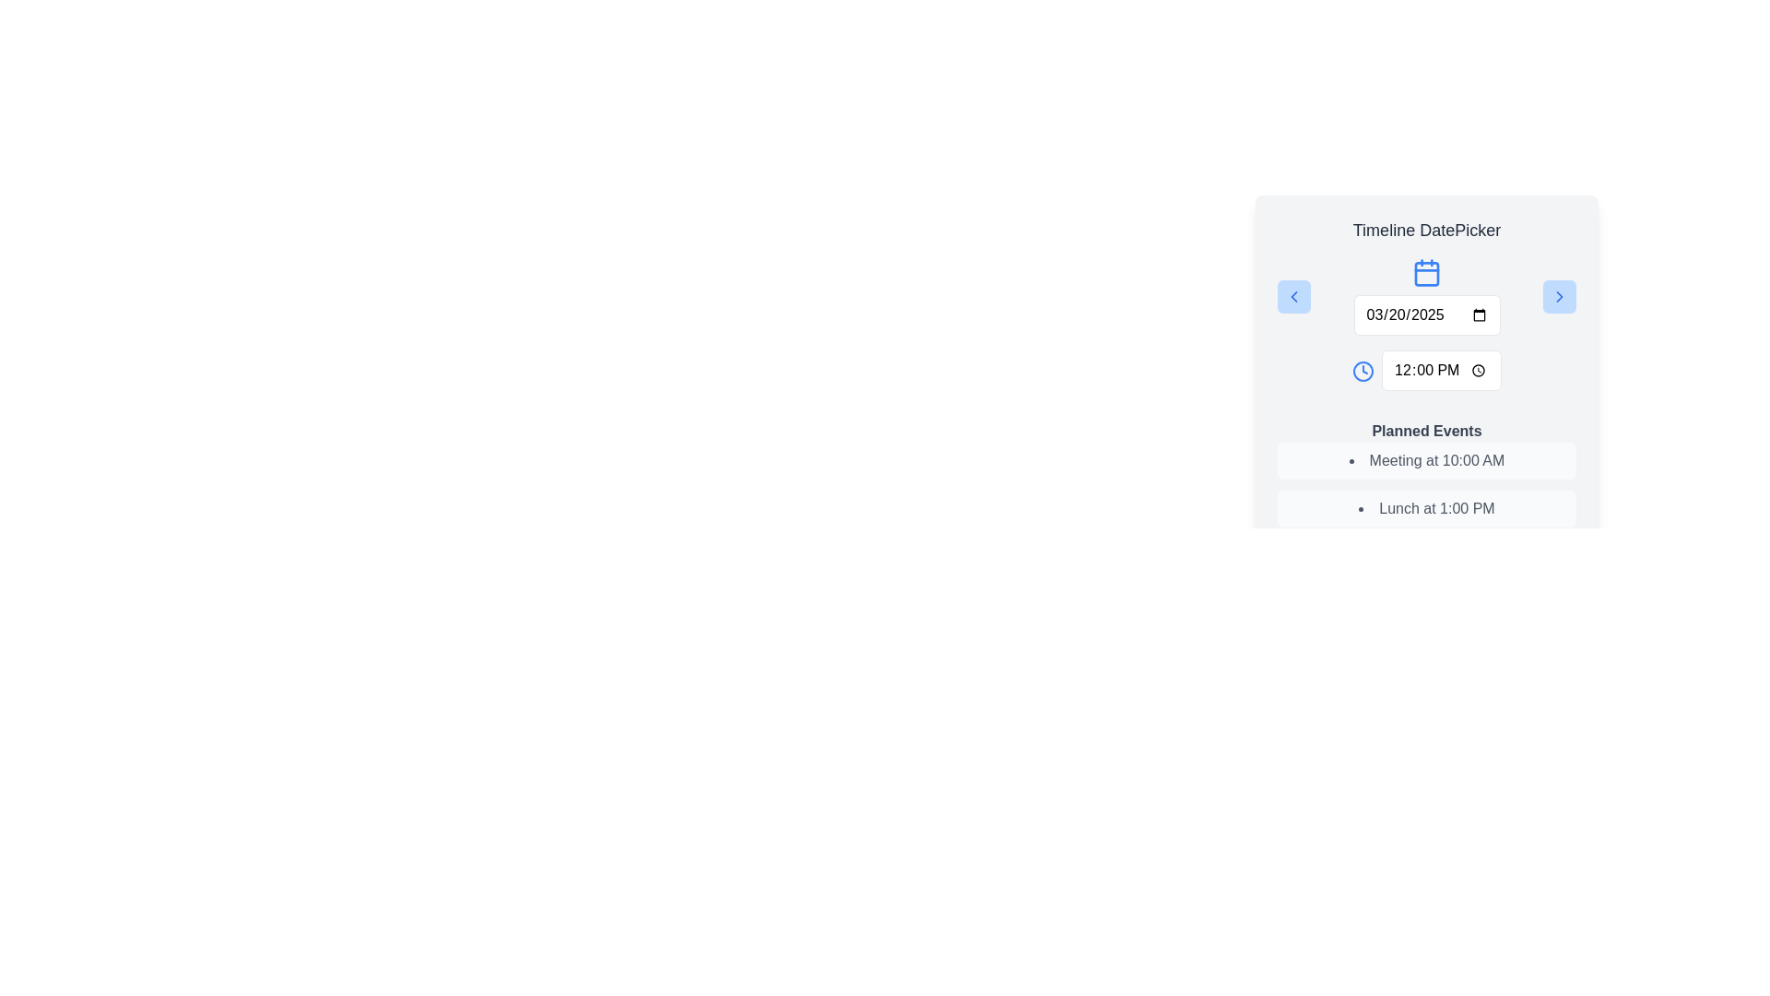 The image size is (1770, 996). What do you see at coordinates (1441, 370) in the screenshot?
I see `the Time input box, which is styled as a bordered and rounded box displaying '12:00 PM'` at bounding box center [1441, 370].